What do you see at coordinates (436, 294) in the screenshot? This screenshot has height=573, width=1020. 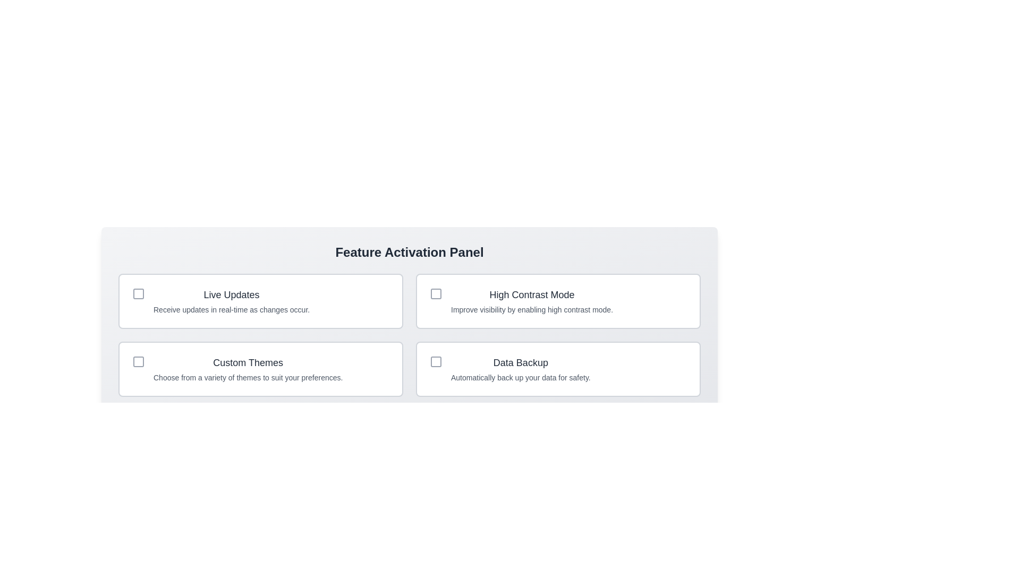 I see `the first checkbox in the 'High Contrast Mode' section` at bounding box center [436, 294].